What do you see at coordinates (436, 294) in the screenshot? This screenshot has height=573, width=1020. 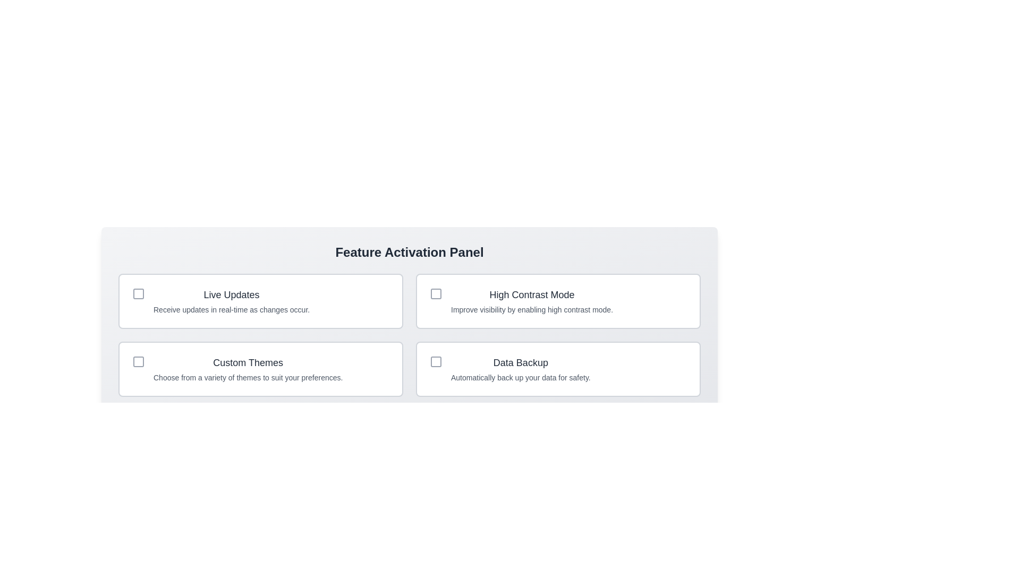 I see `the first checkbox in the 'High Contrast Mode' section` at bounding box center [436, 294].